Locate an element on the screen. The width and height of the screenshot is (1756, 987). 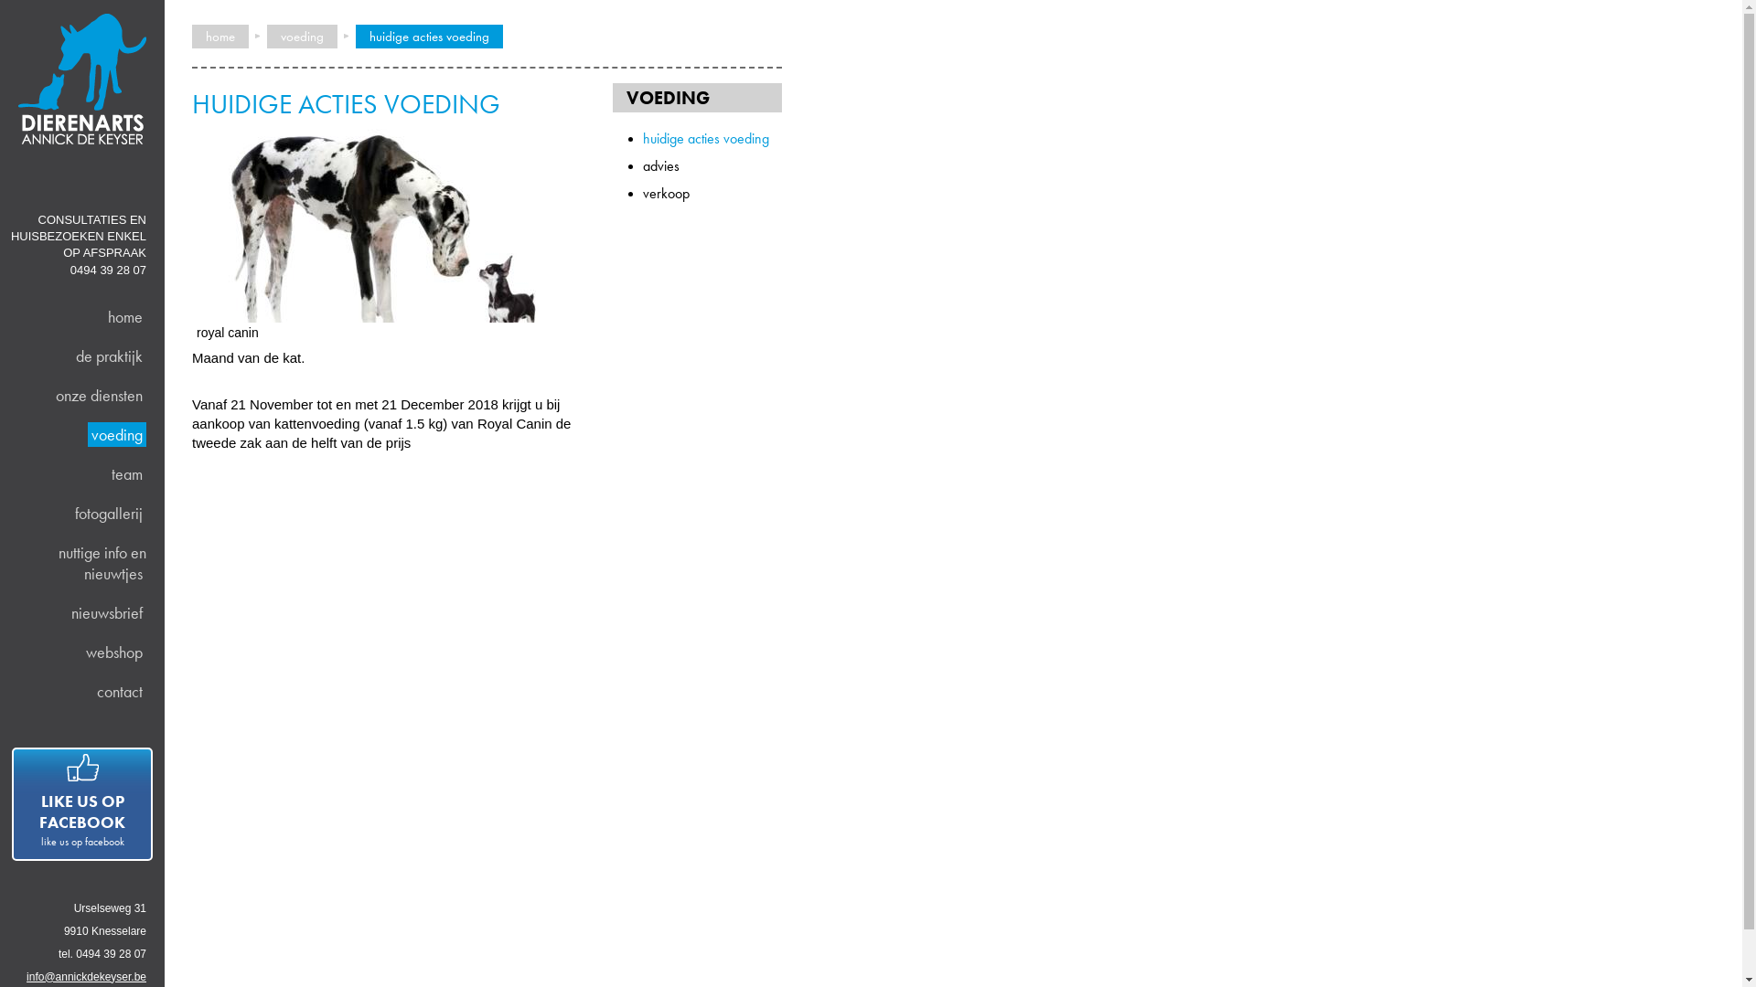
'huidige acties voeding' is located at coordinates (704, 137).